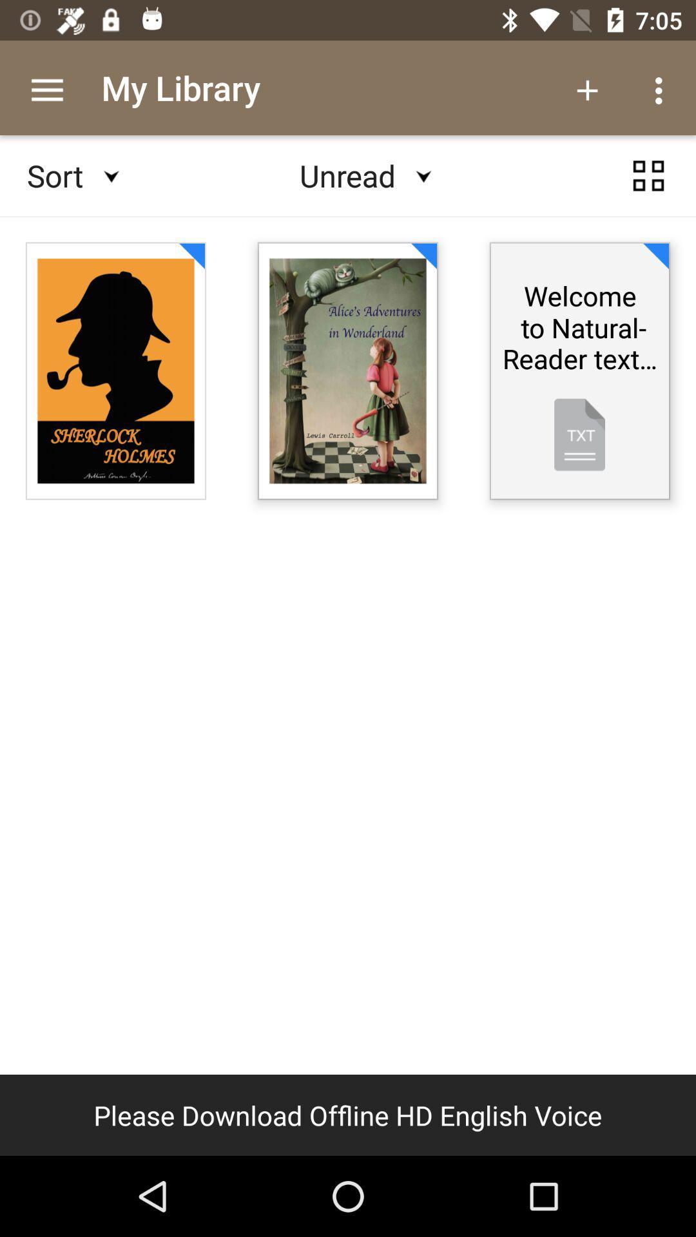 This screenshot has width=696, height=1237. Describe the element at coordinates (648, 187) in the screenshot. I see `the dashboard icon` at that location.